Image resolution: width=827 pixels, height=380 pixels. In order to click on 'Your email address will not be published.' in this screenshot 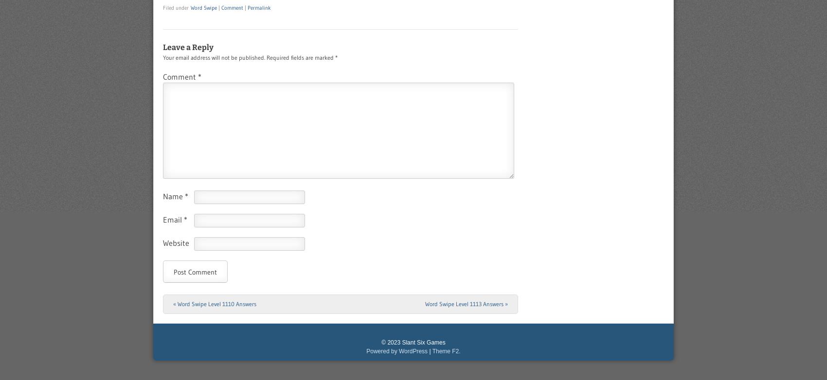, I will do `click(214, 57)`.